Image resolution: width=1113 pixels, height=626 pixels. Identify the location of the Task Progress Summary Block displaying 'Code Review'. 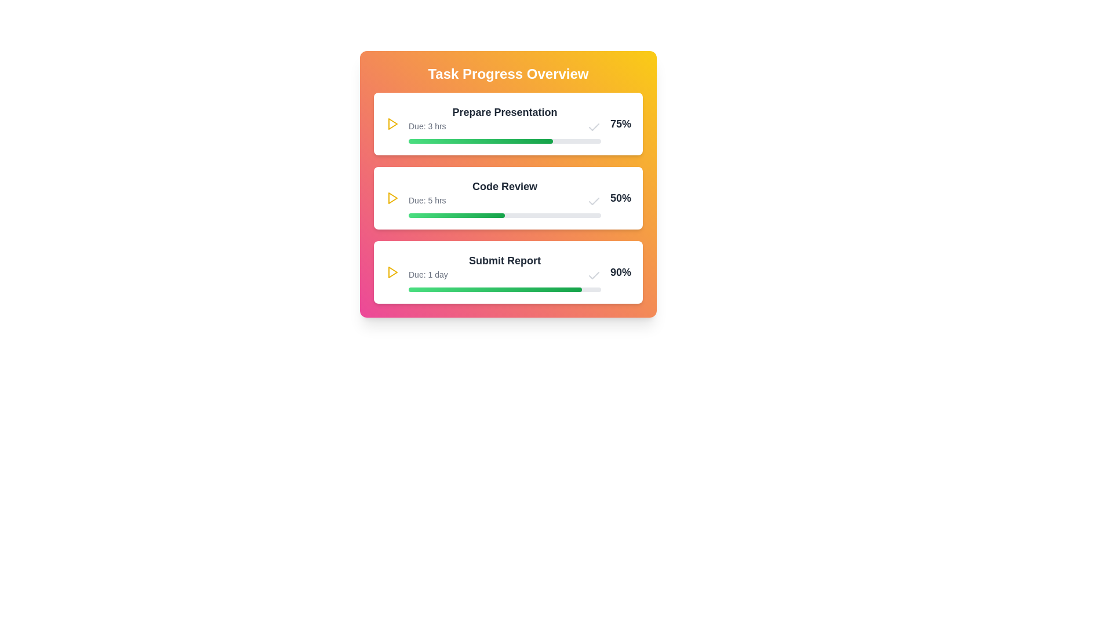
(504, 198).